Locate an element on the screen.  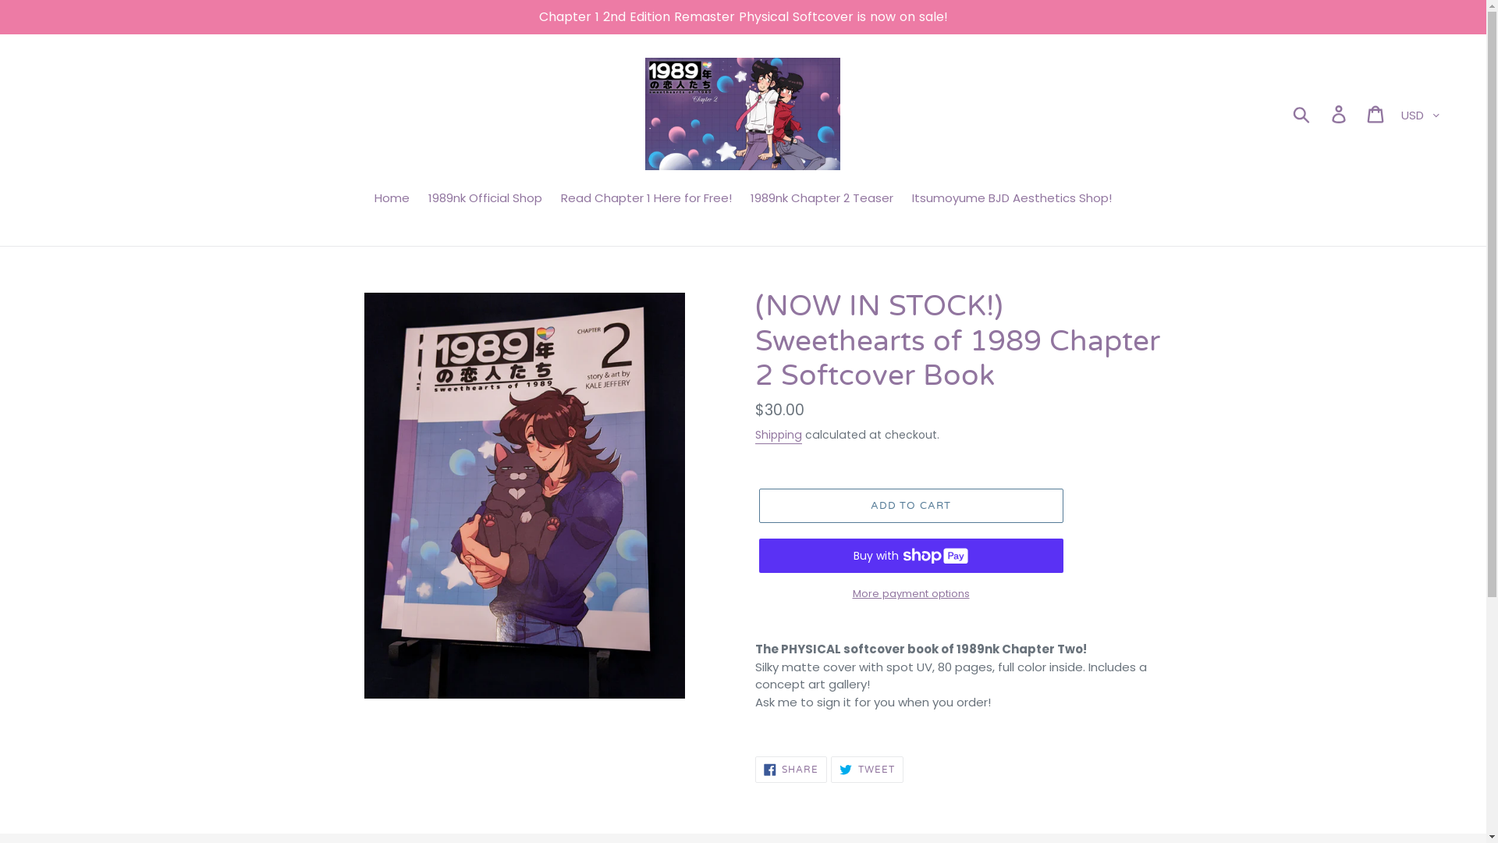
'1989nk Official Shop' is located at coordinates (485, 198).